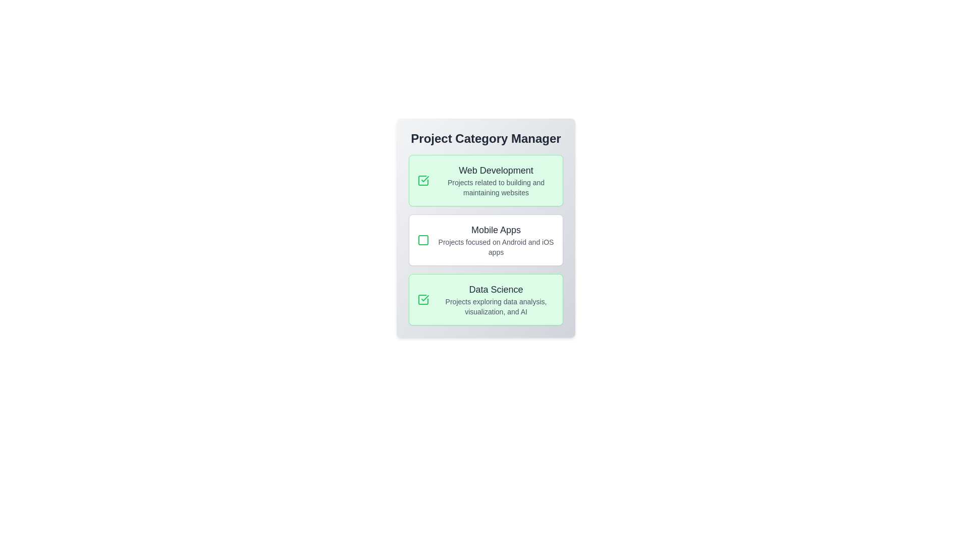 The image size is (969, 545). What do you see at coordinates (486, 299) in the screenshot?
I see `the 'Data Science' category card located at the bottom of the vertical list` at bounding box center [486, 299].